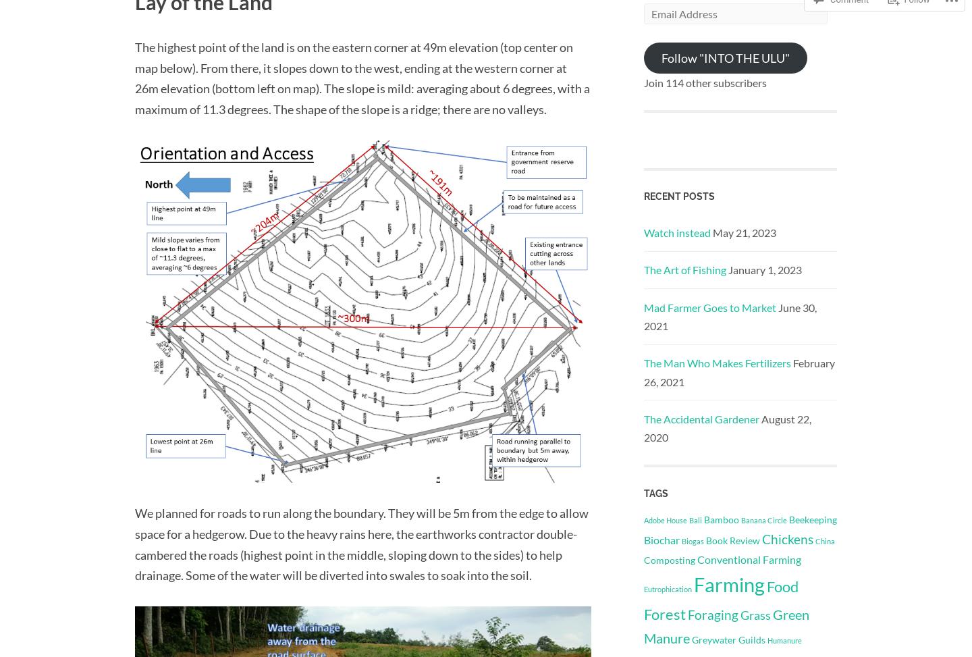 This screenshot has height=657, width=972. I want to click on 'Eutrophication', so click(667, 589).